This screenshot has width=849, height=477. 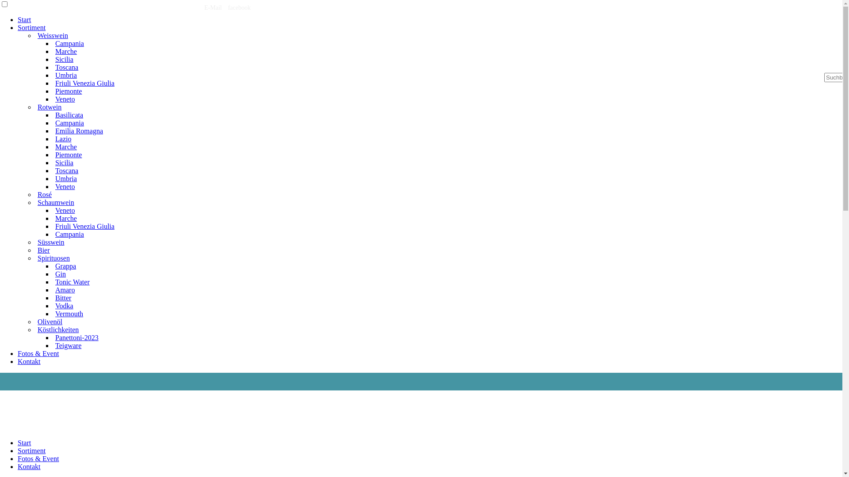 I want to click on 'Vermouth', so click(x=69, y=313).